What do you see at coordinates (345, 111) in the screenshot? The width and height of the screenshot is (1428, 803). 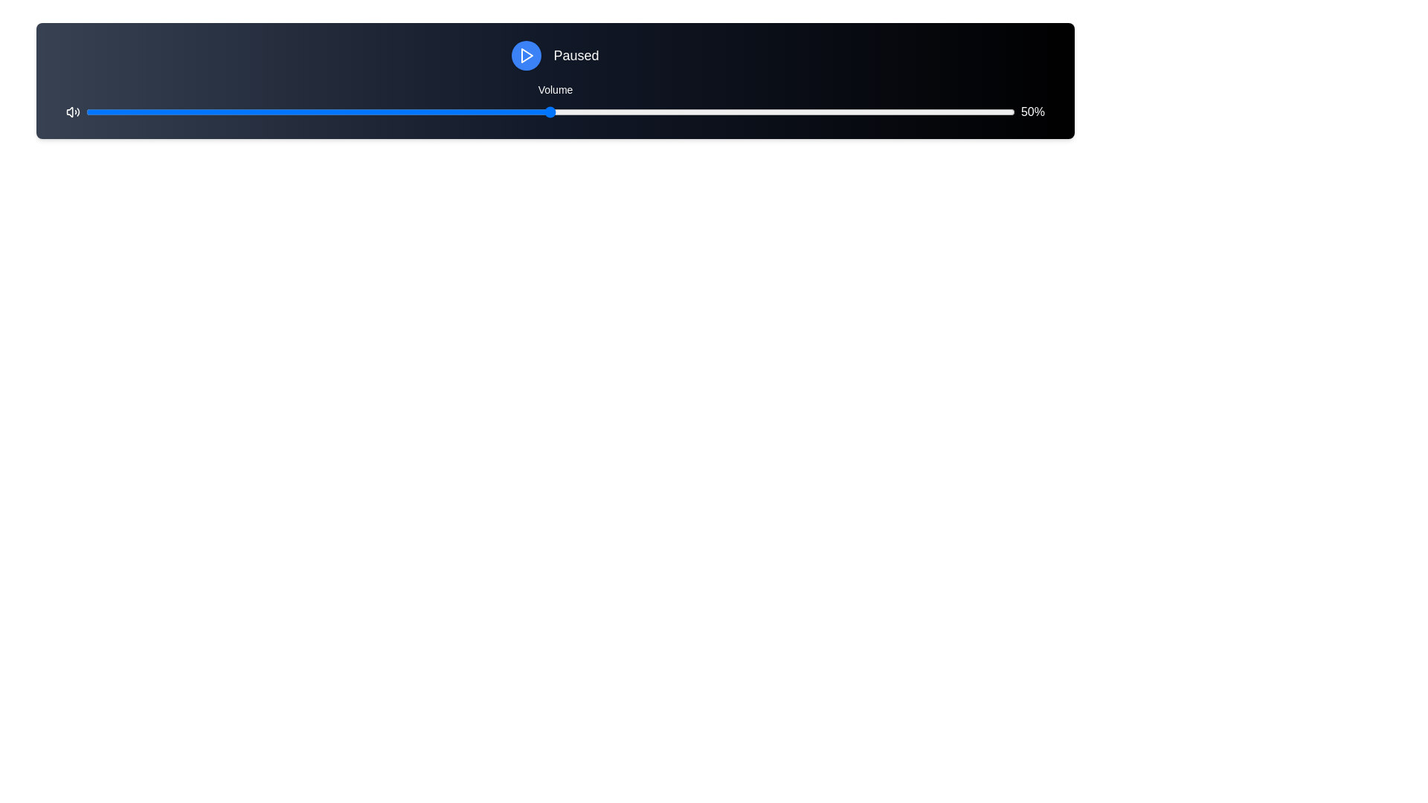 I see `the volume` at bounding box center [345, 111].